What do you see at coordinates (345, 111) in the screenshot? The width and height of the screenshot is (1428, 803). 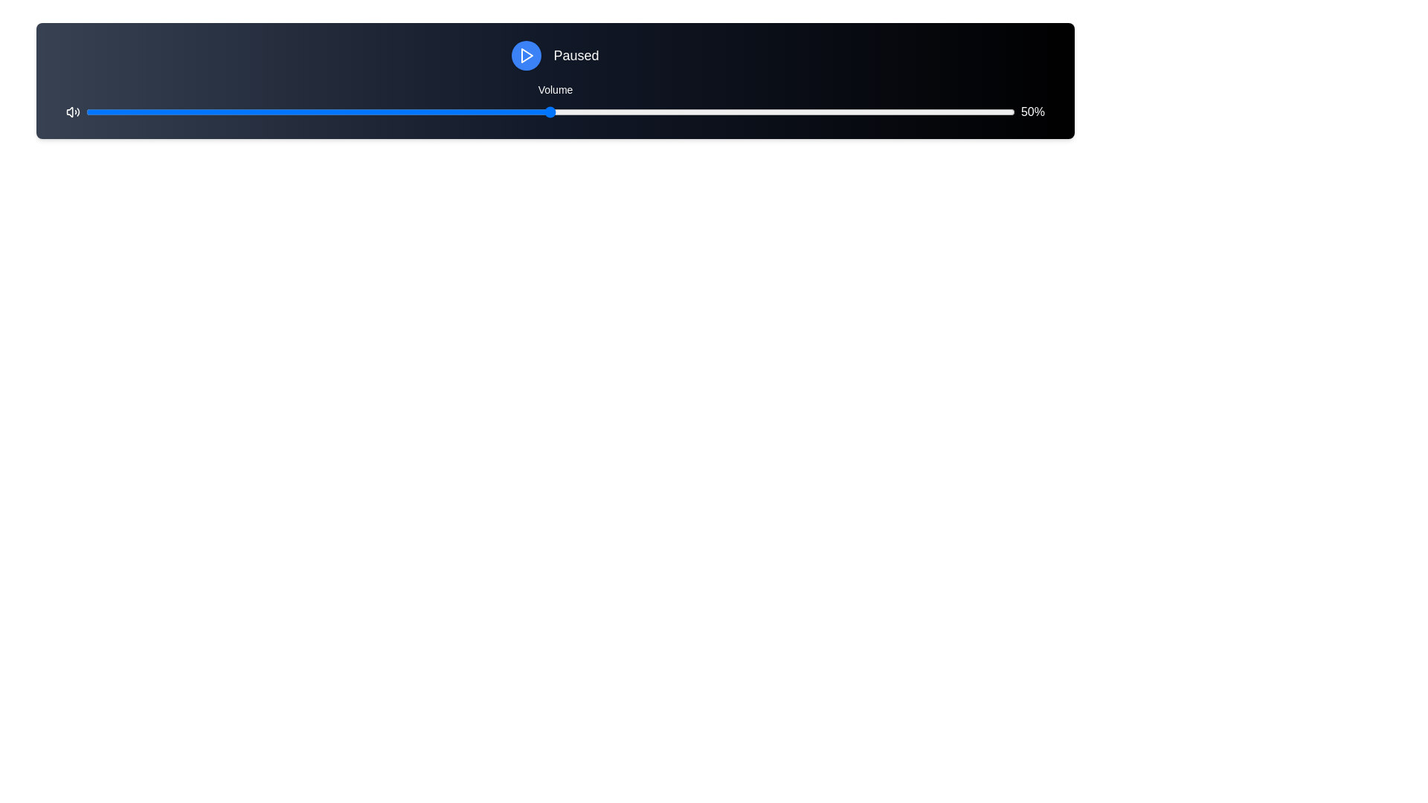 I see `the volume` at bounding box center [345, 111].